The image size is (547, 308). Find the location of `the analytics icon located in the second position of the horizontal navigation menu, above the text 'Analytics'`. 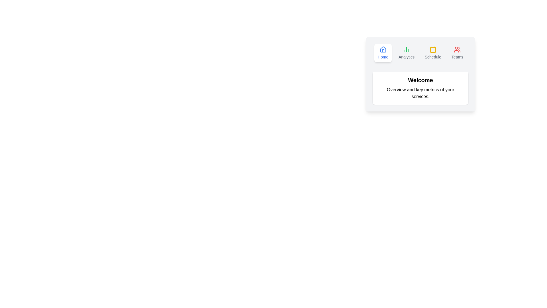

the analytics icon located in the second position of the horizontal navigation menu, above the text 'Analytics' is located at coordinates (406, 49).